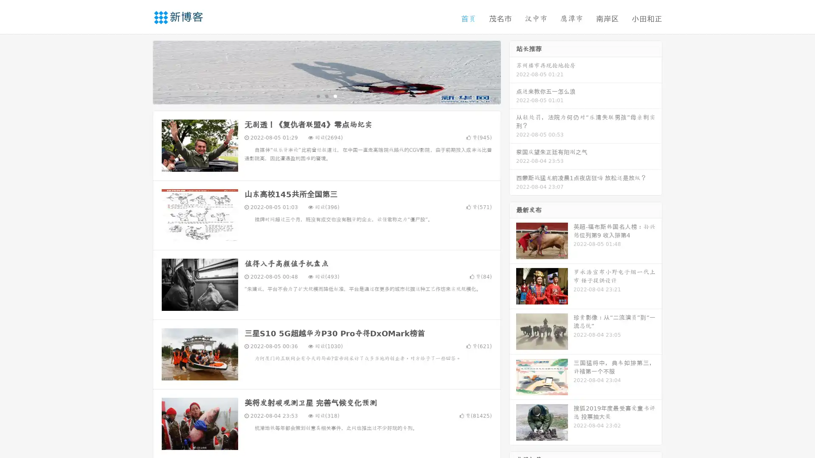  Describe the element at coordinates (326, 95) in the screenshot. I see `Go to slide 2` at that location.